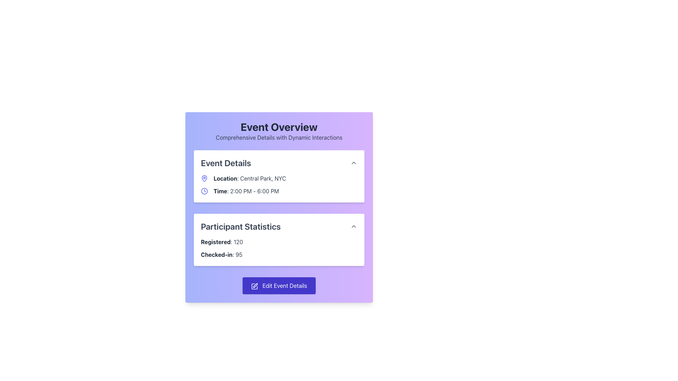 This screenshot has width=678, height=381. Describe the element at coordinates (354, 163) in the screenshot. I see `the toggle button in the top-right corner of the 'Event Details' card` at that location.